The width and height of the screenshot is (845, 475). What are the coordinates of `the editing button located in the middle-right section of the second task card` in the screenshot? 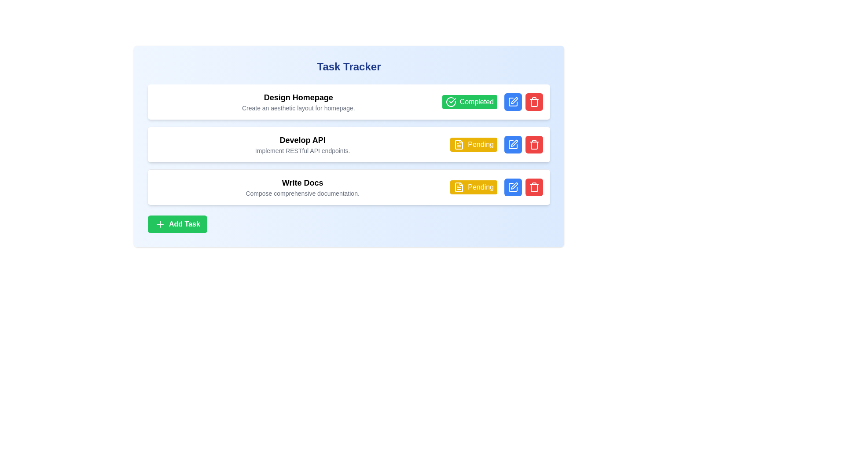 It's located at (513, 144).